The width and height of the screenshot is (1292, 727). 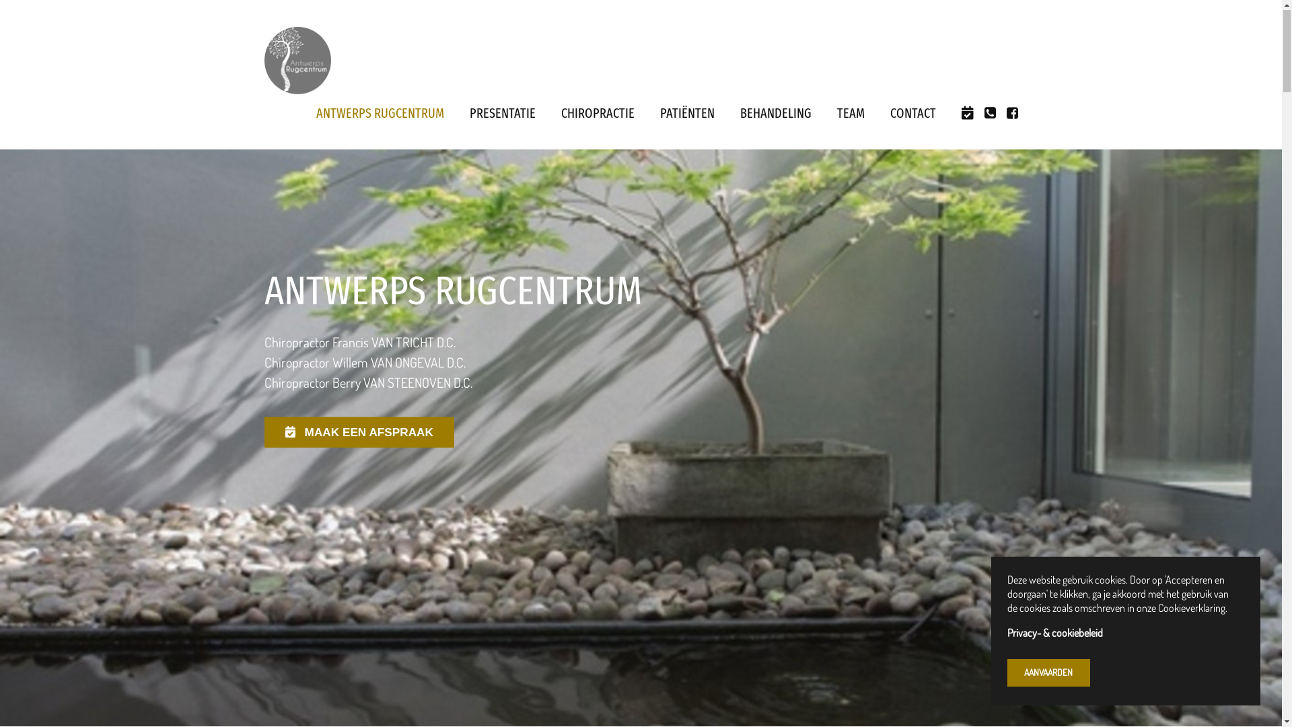 I want to click on 'ANTWERPS RUGCENTRUM', so click(x=380, y=113).